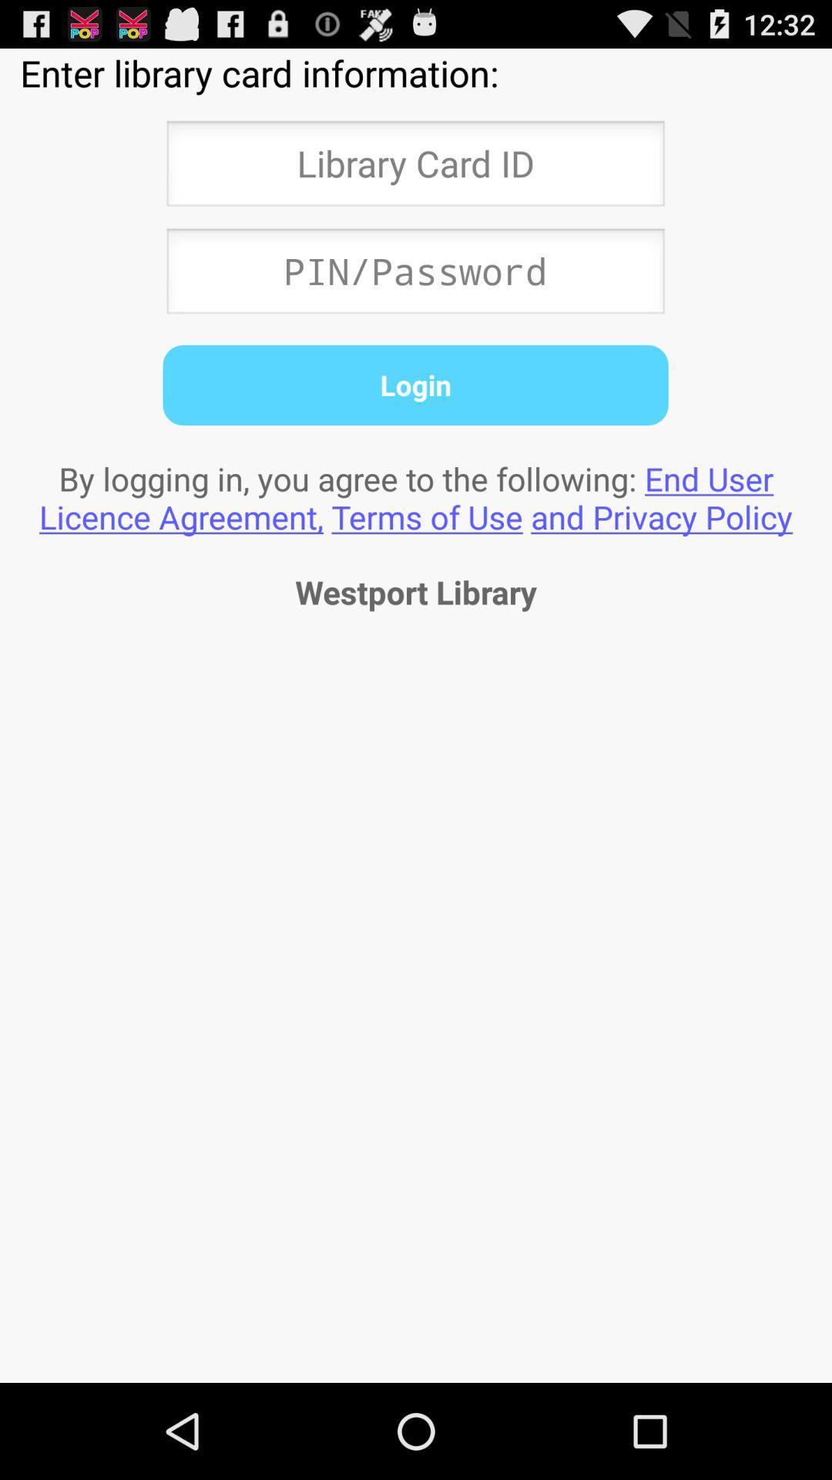 Image resolution: width=832 pixels, height=1480 pixels. Describe the element at coordinates (414, 168) in the screenshot. I see `form to enter library card id` at that location.